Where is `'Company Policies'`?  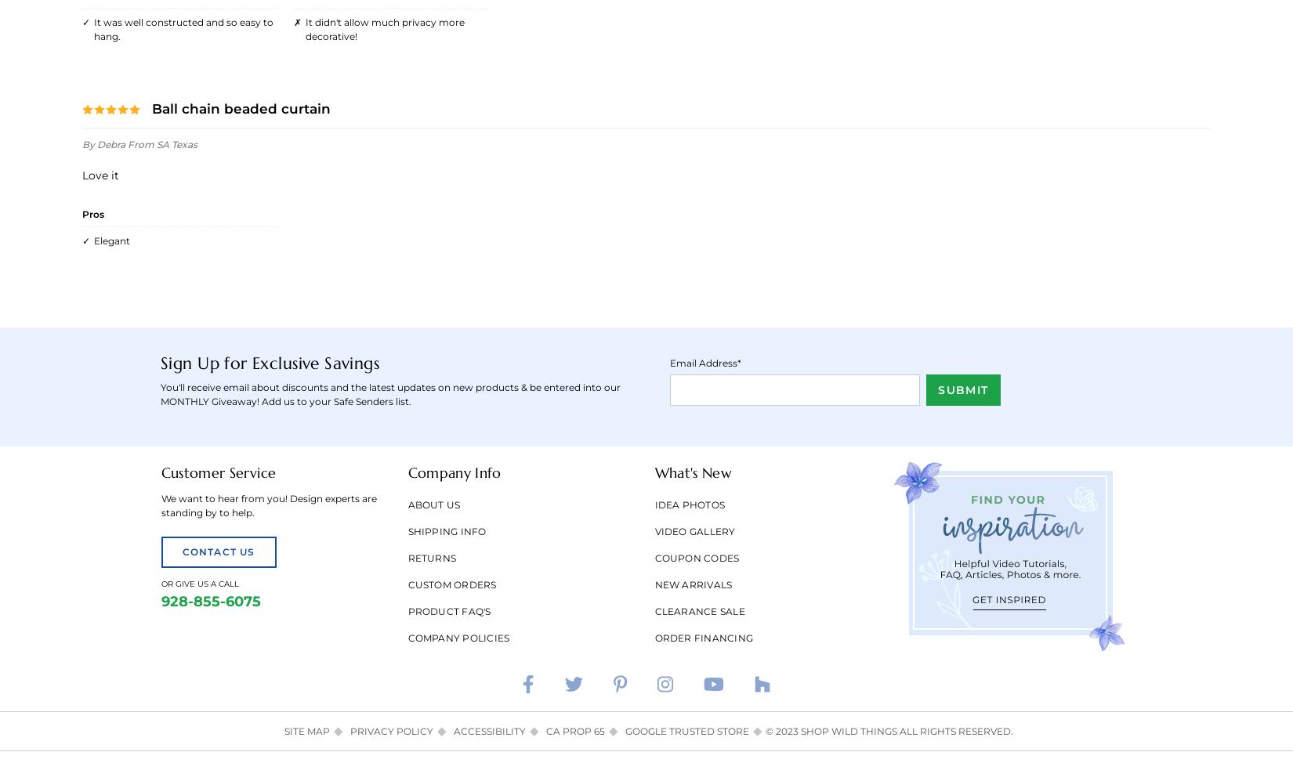
'Company Policies' is located at coordinates (457, 637).